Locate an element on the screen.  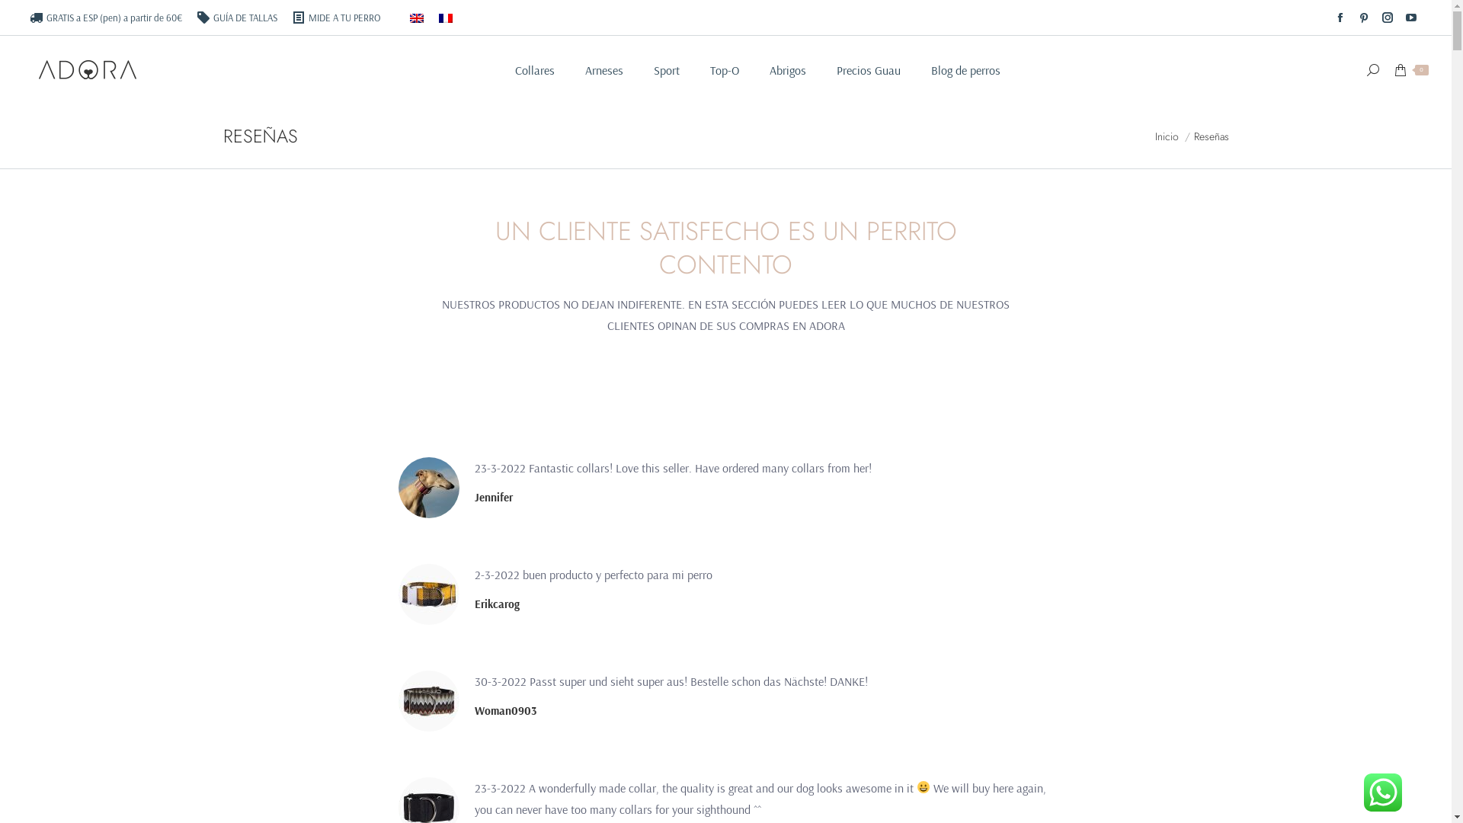
'Pinterest page opens in new window' is located at coordinates (1364, 18).